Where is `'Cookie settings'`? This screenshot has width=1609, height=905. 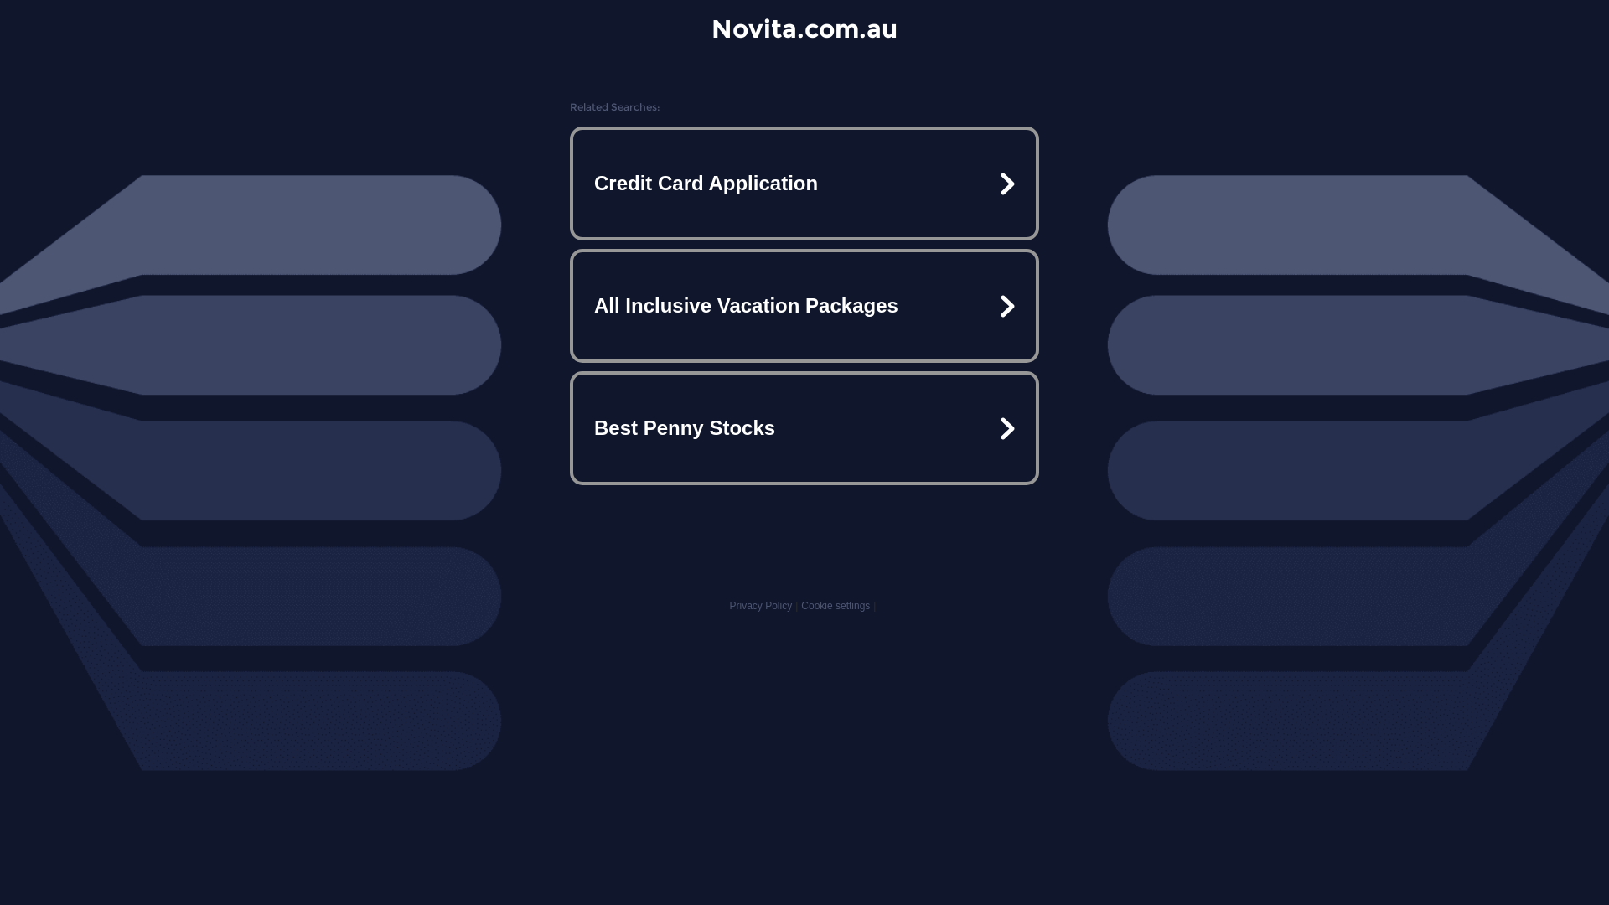
'Cookie settings' is located at coordinates (836, 605).